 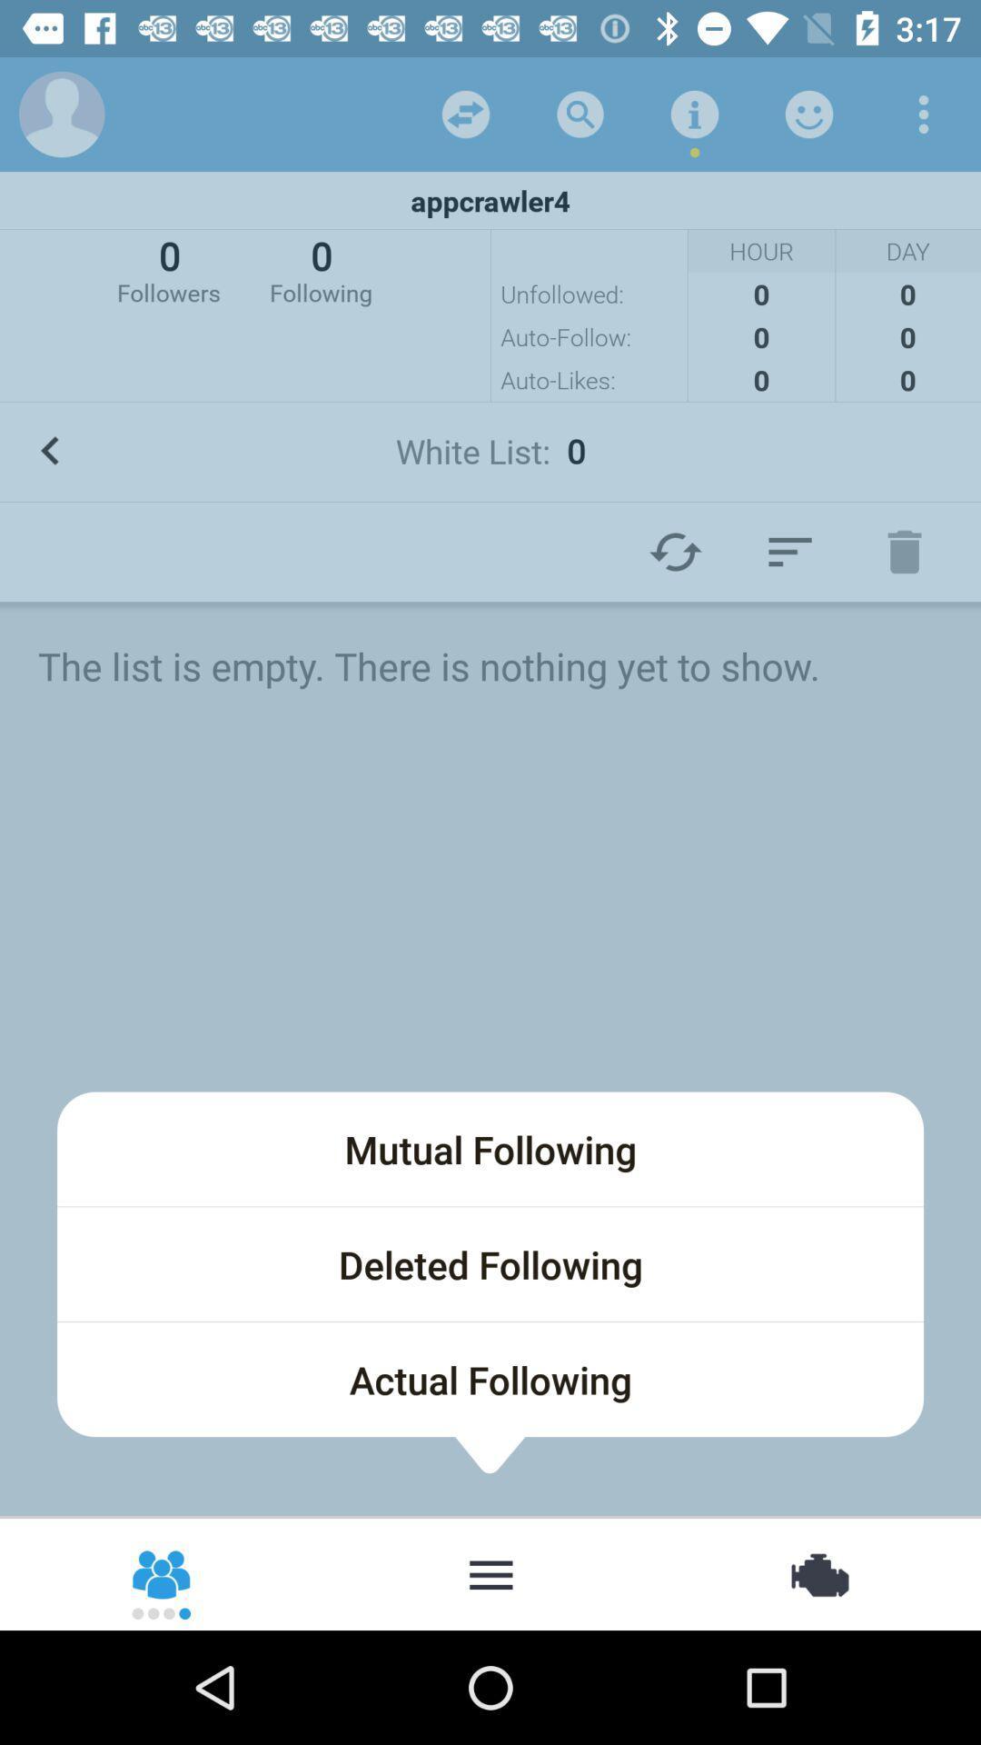 I want to click on menu, so click(x=789, y=551).